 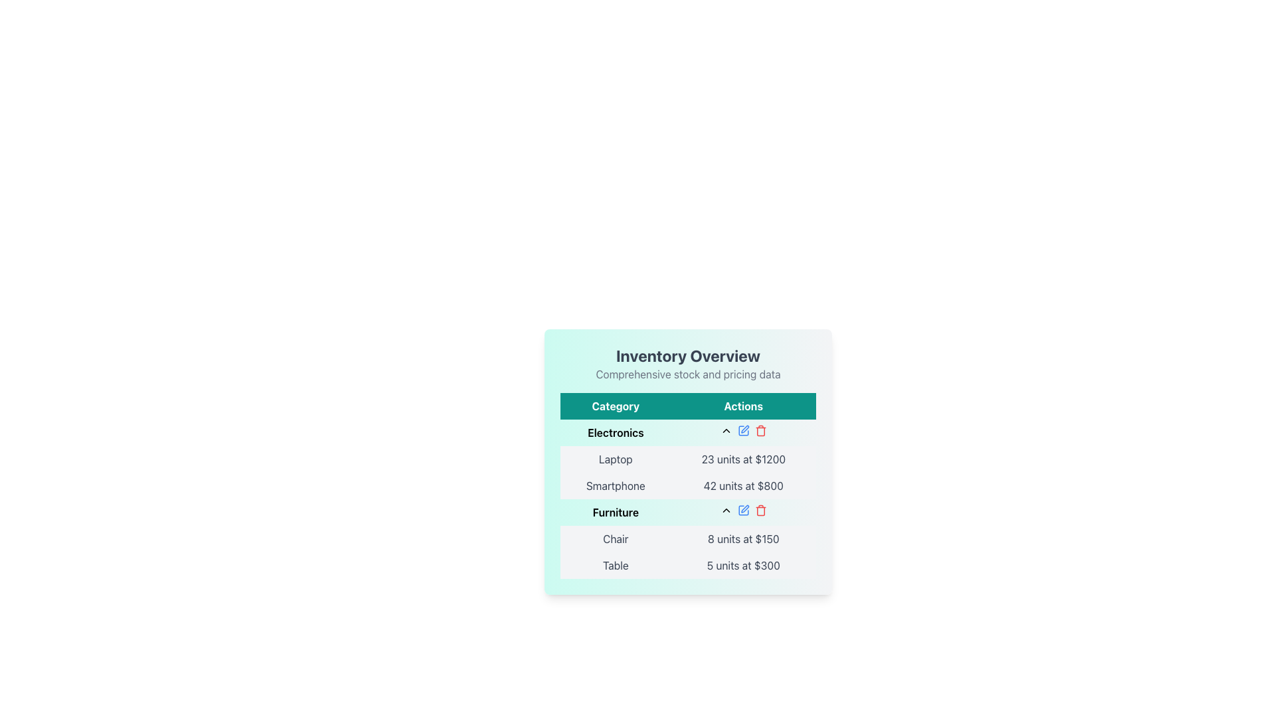 What do you see at coordinates (615, 486) in the screenshot?
I see `the static text label displaying the name of an item category in the second row under the 'Category' column of the 'Inventory Overview' table` at bounding box center [615, 486].